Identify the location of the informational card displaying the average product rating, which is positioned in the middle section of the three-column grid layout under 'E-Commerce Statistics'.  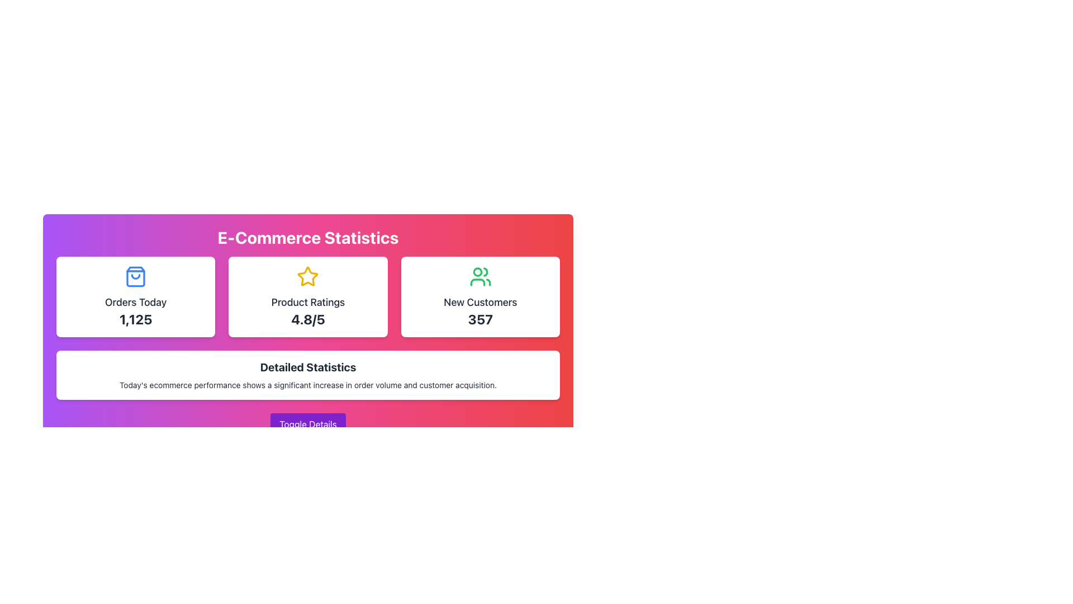
(308, 296).